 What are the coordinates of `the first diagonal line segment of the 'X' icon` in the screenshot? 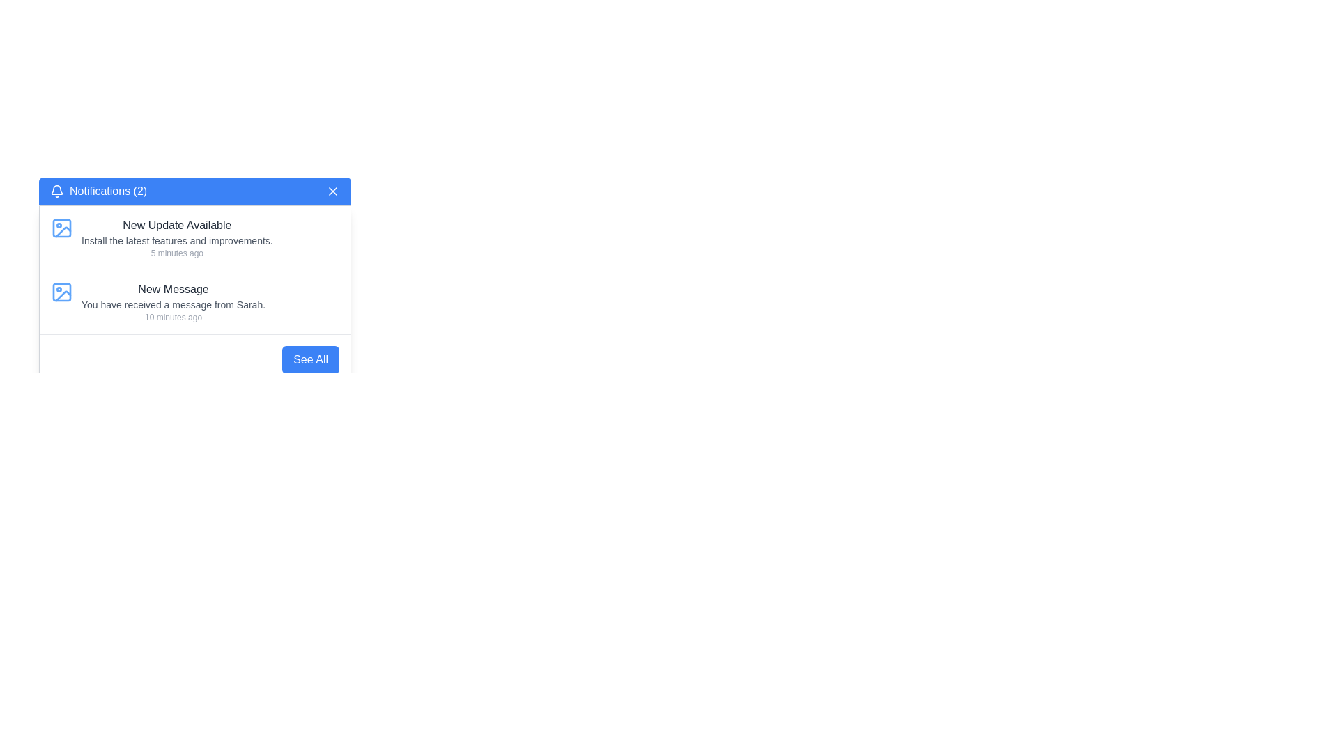 It's located at (332, 191).